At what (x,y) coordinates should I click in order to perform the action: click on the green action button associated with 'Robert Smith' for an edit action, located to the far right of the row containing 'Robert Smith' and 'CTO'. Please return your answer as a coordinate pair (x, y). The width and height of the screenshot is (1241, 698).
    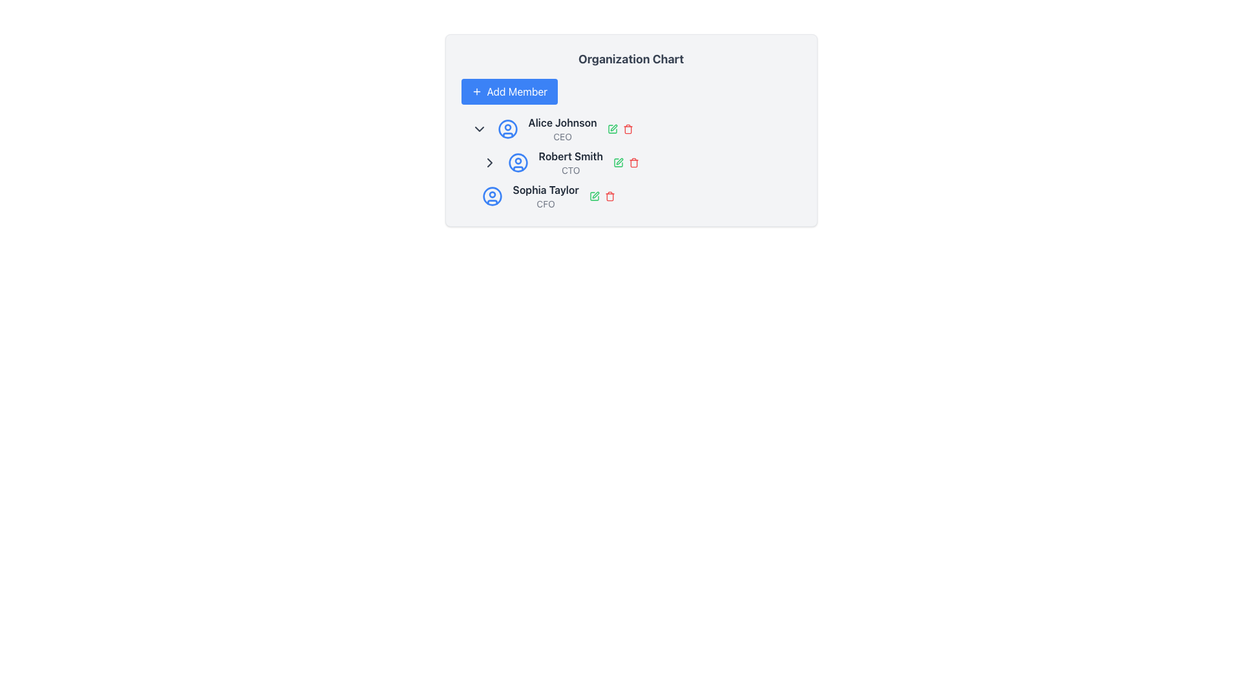
    Looking at the image, I should click on (626, 162).